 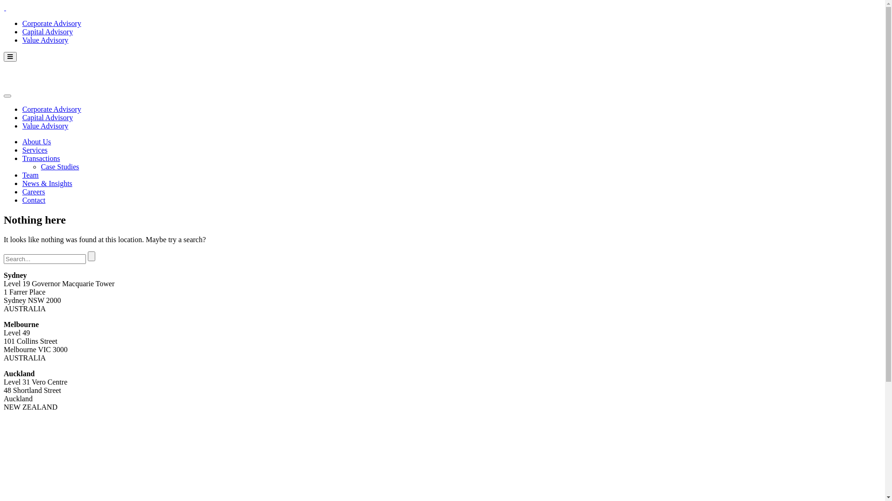 What do you see at coordinates (45, 126) in the screenshot?
I see `'Value Advisory'` at bounding box center [45, 126].